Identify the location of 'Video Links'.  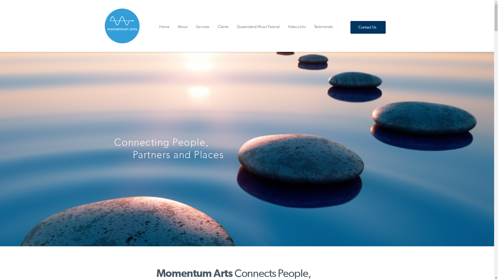
(297, 27).